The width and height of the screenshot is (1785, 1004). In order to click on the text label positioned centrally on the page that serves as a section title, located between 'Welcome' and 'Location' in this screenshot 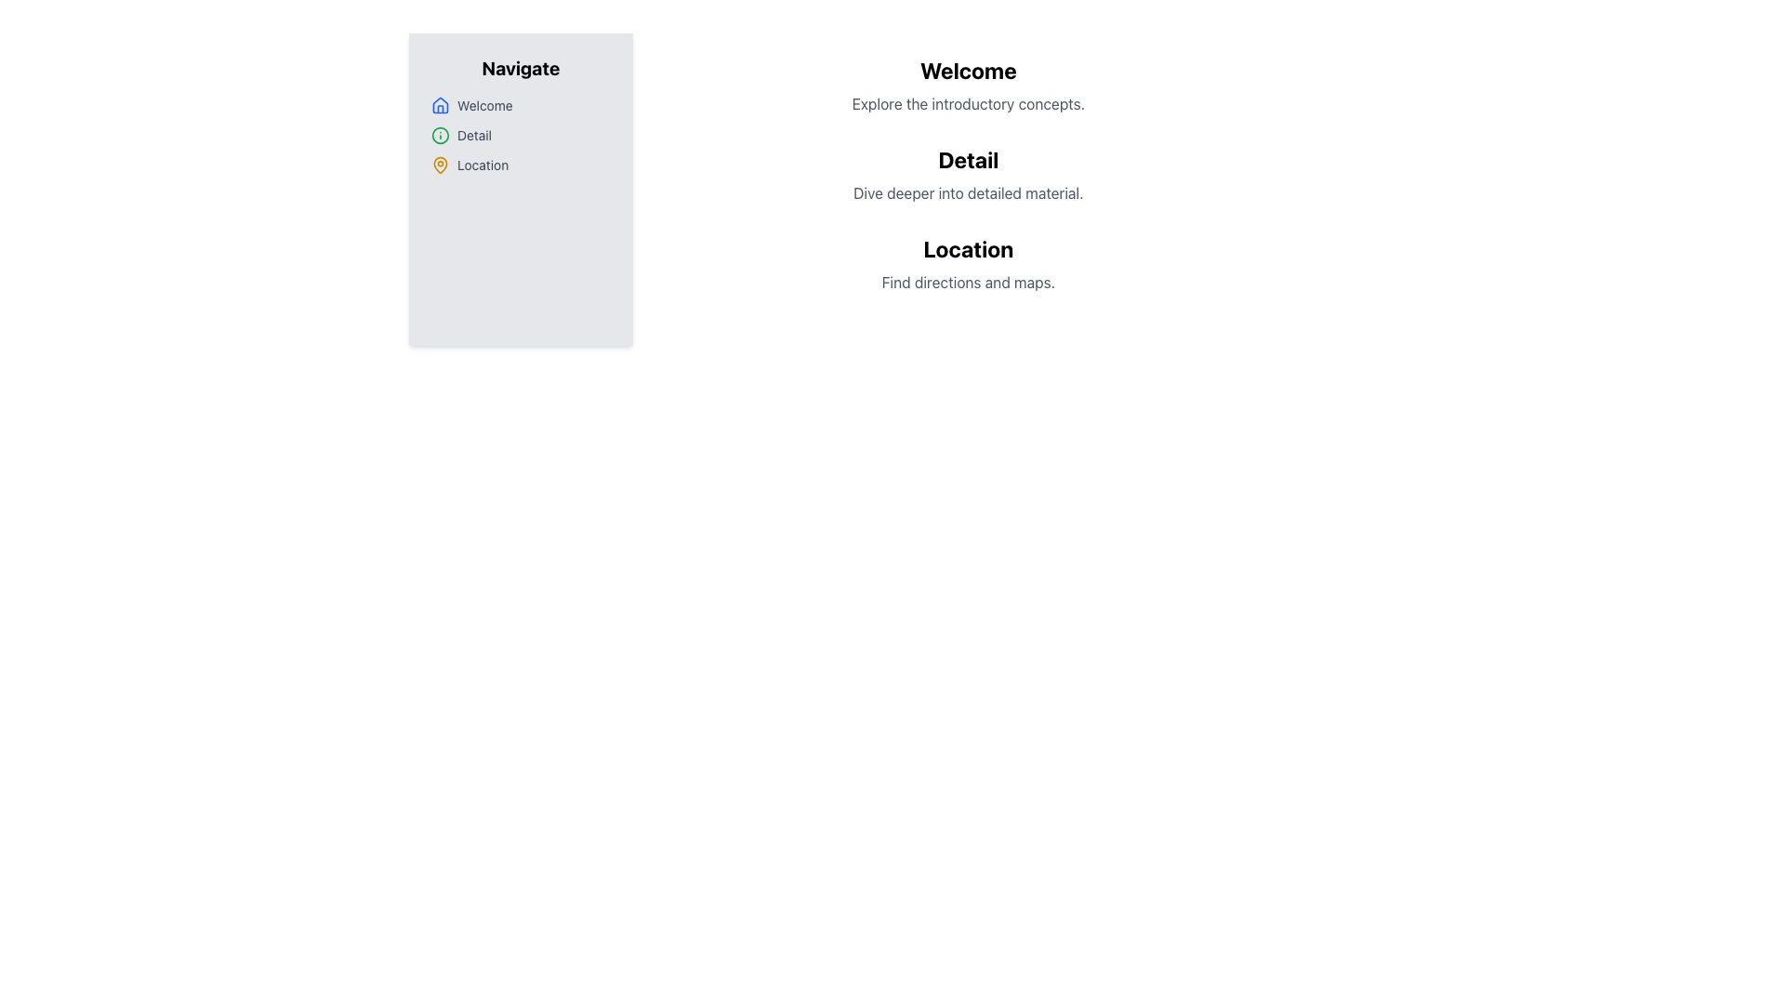, I will do `click(967, 159)`.